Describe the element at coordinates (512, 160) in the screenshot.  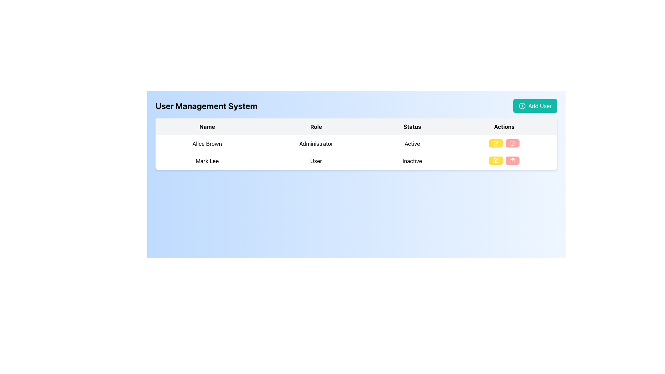
I see `the delete button, which is styled with a red background and a trashcan icon, located in the 'Actions' column of the second row in the user management table` at that location.